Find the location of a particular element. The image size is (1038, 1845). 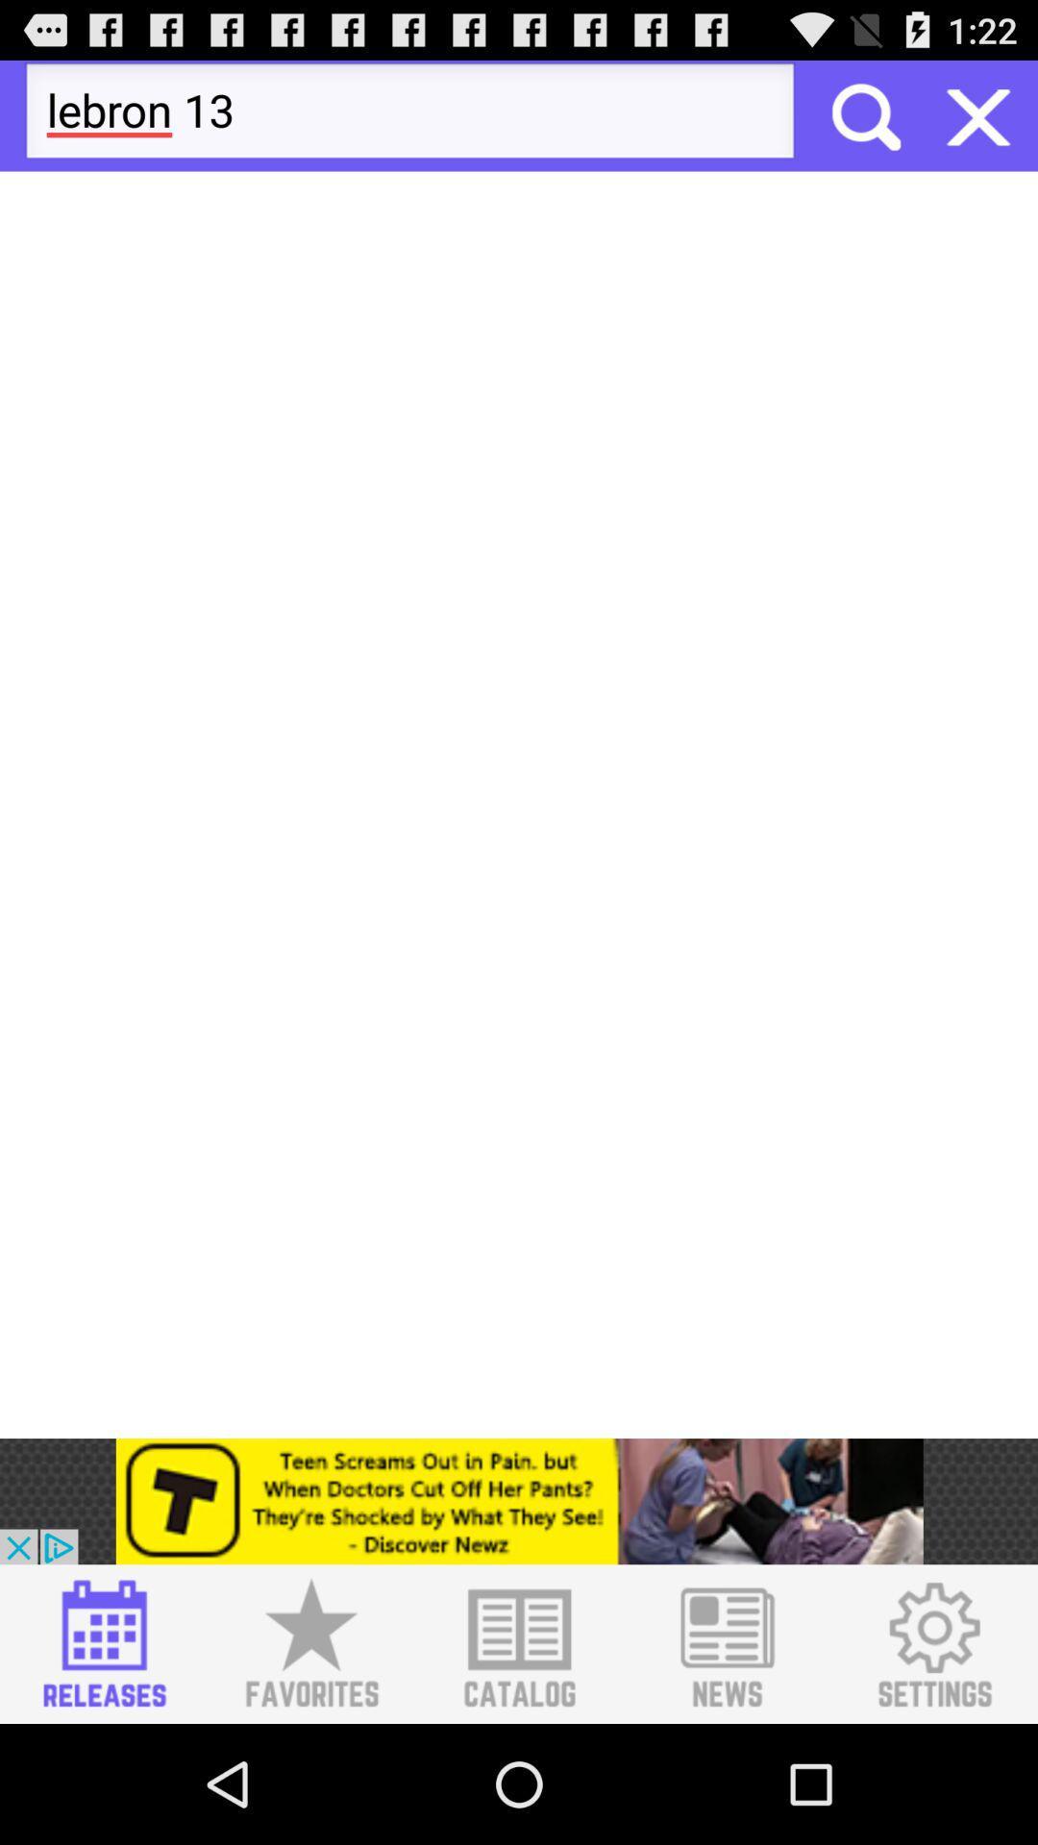

advertisement is located at coordinates (519, 1500).